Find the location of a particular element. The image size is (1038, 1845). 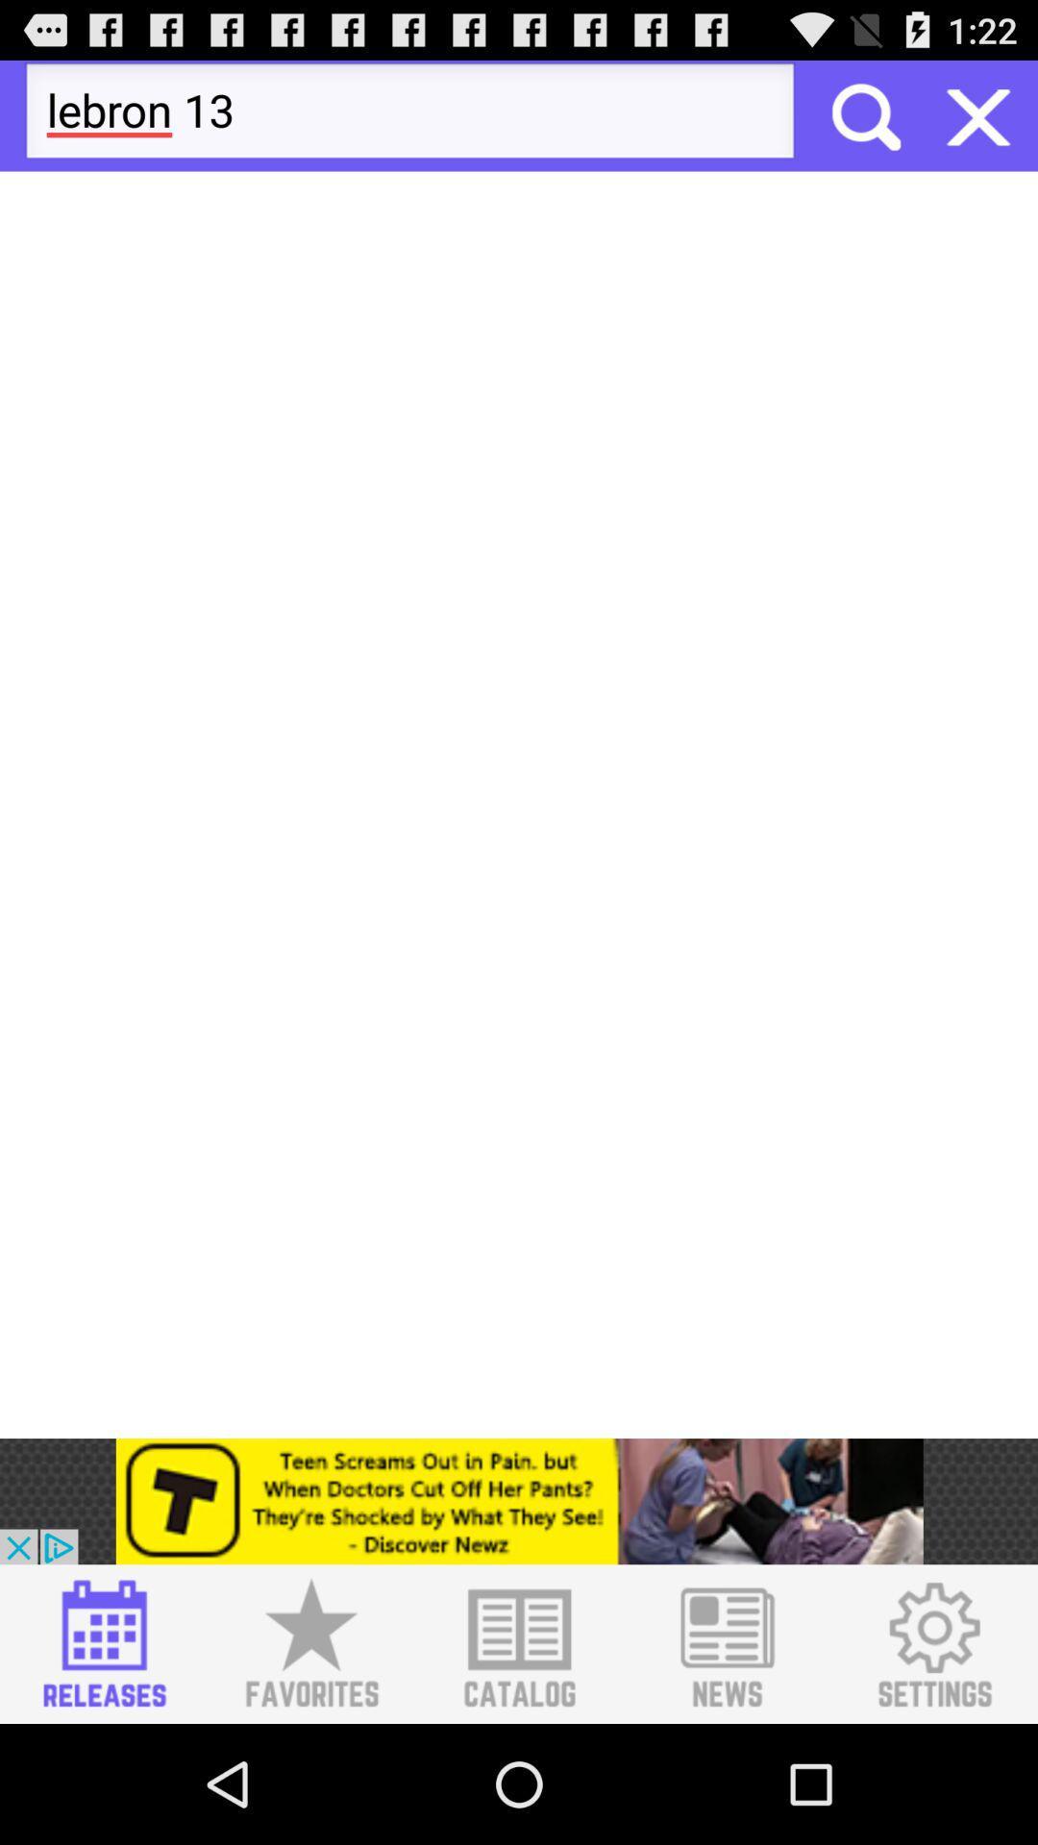

advertisement is located at coordinates (519, 1500).